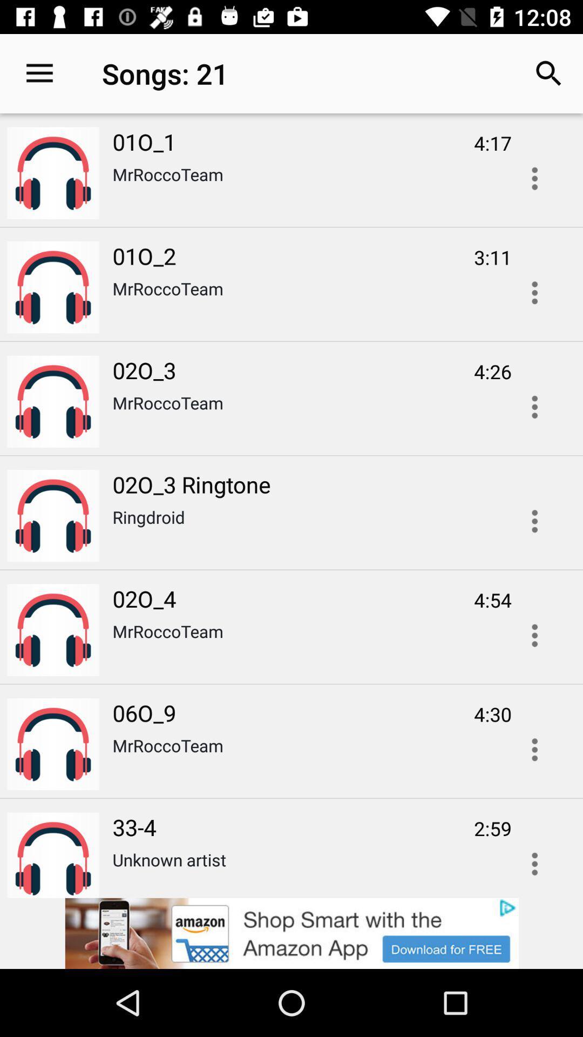 This screenshot has width=583, height=1037. I want to click on overflow menu, so click(534, 293).